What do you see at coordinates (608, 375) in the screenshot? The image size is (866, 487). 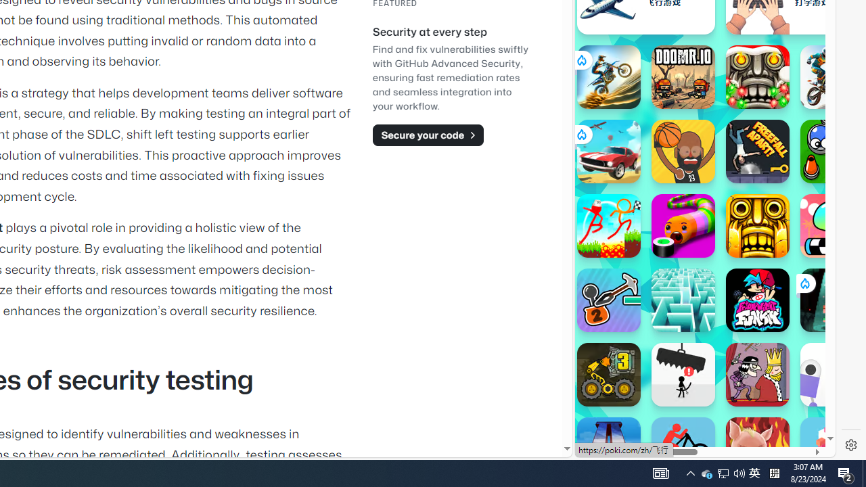 I see `'BoxRob 3 BoxRob 3'` at bounding box center [608, 375].